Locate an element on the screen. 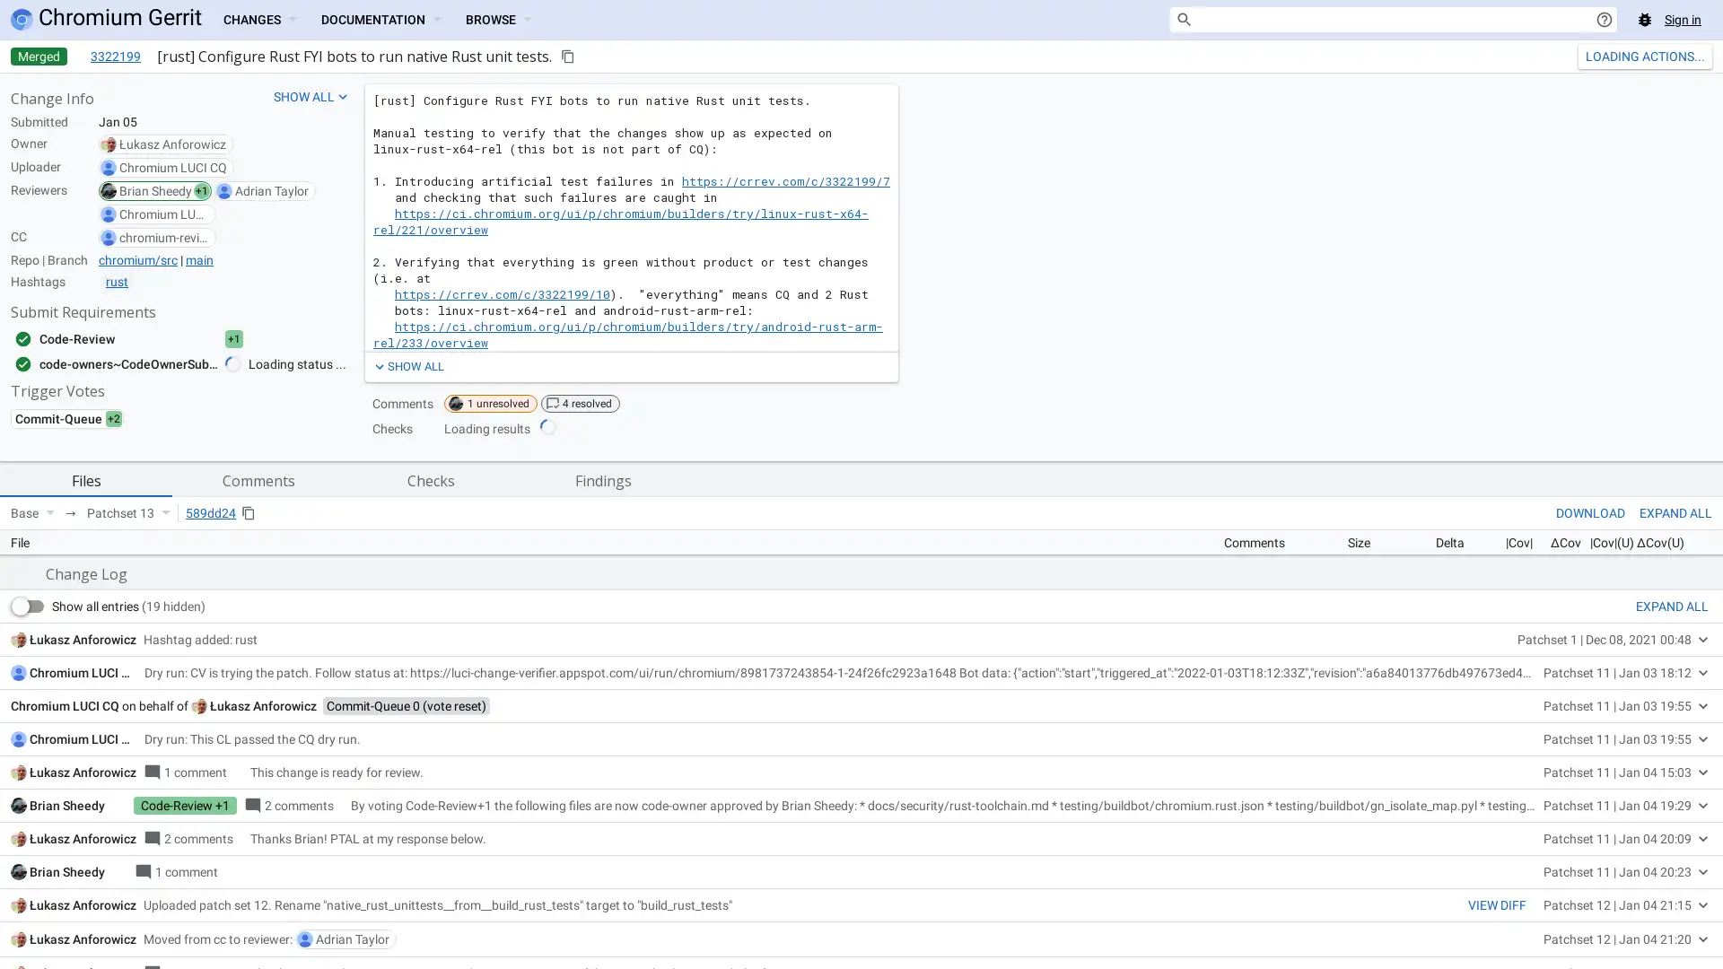  Patchset 13 is located at coordinates (127, 512).